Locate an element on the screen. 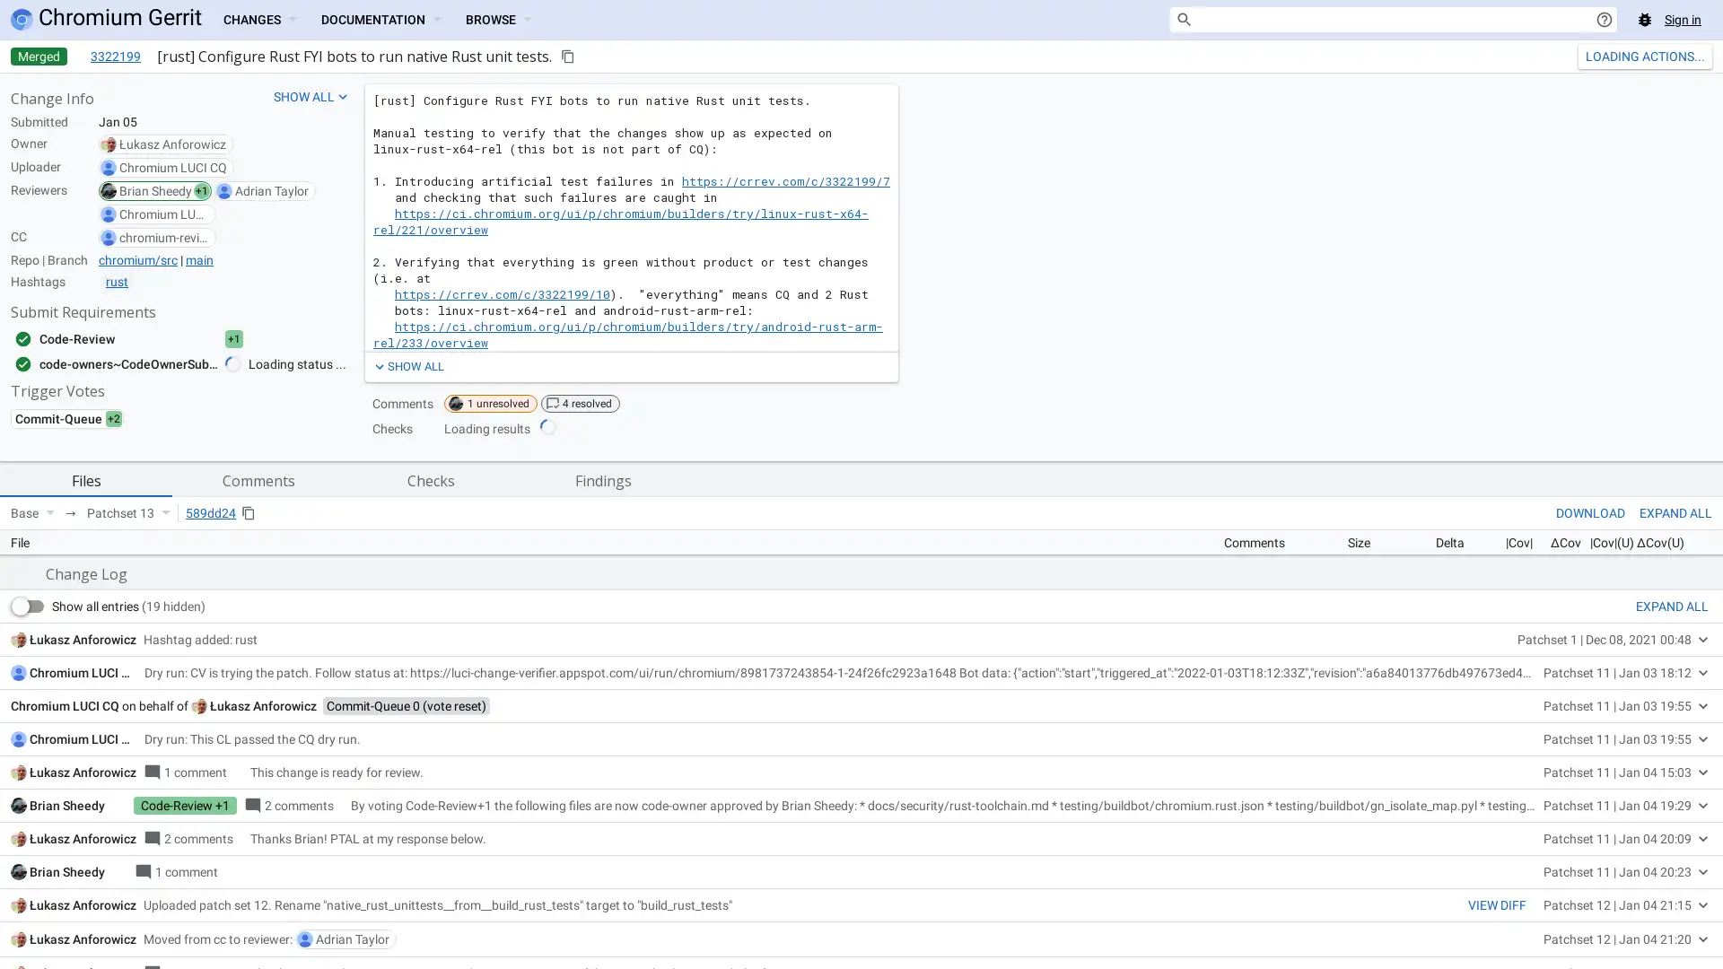  Patchset 13 is located at coordinates (127, 512).